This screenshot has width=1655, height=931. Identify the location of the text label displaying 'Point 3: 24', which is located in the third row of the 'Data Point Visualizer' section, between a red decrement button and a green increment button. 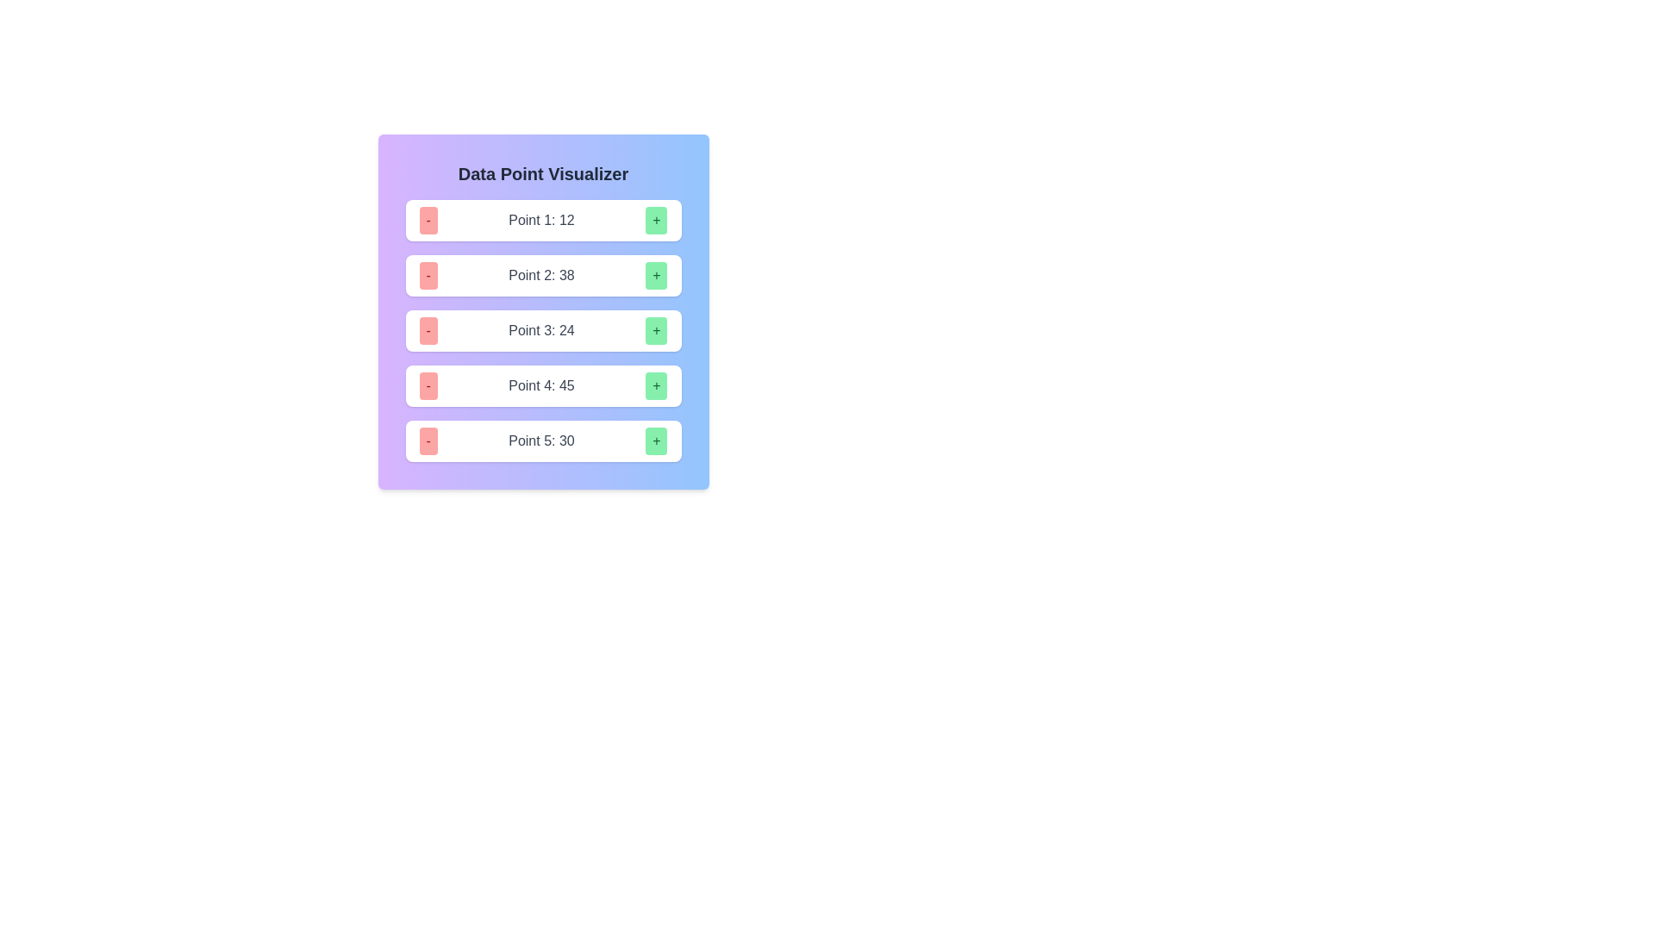
(540, 331).